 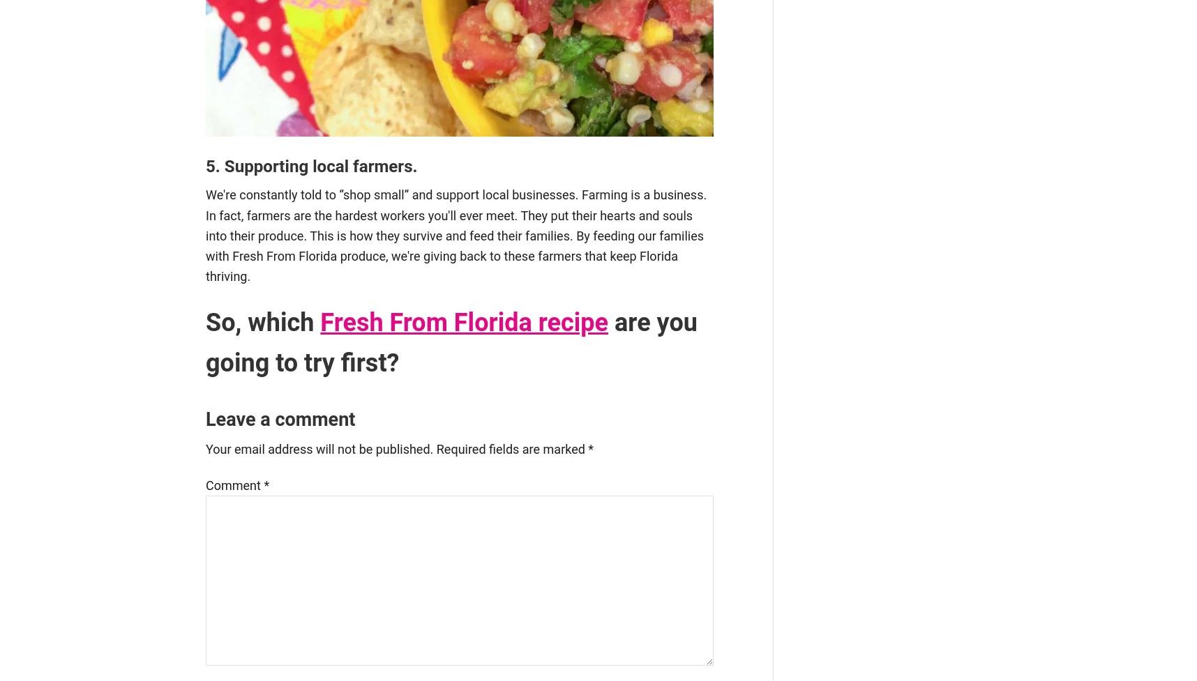 I want to click on 'are you going to try first?', so click(x=204, y=342).